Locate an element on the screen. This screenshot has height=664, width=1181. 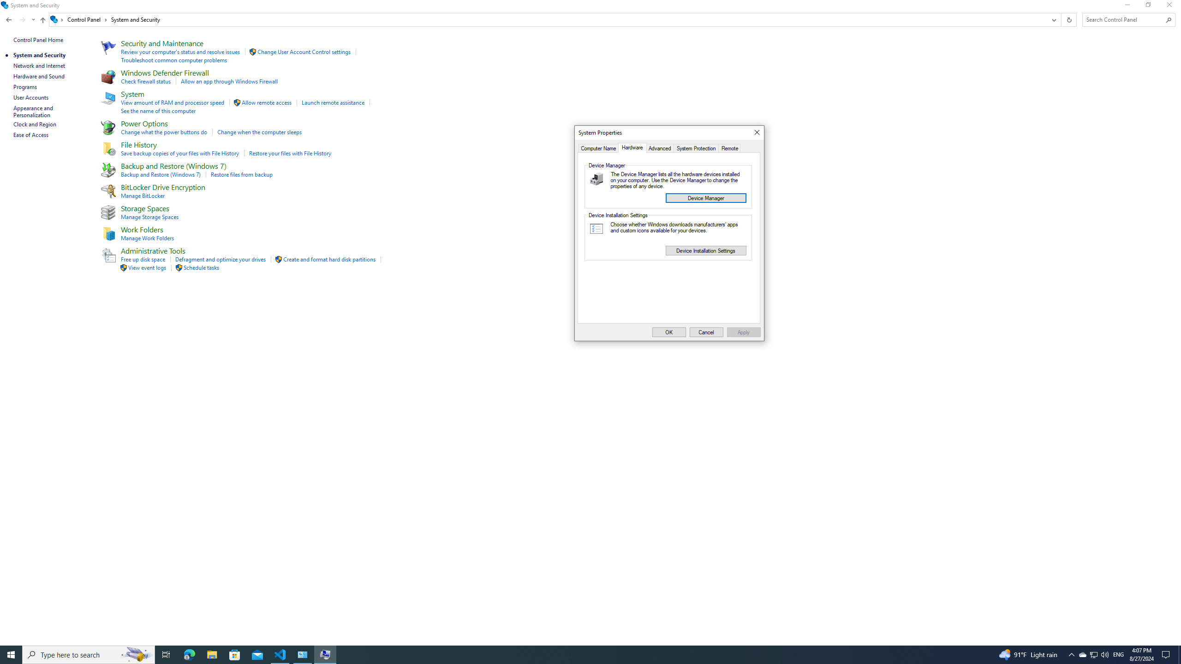
'Device Manager' is located at coordinates (705, 197).